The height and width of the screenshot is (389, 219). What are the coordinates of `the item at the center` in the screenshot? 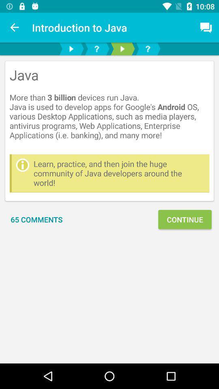 It's located at (119, 173).